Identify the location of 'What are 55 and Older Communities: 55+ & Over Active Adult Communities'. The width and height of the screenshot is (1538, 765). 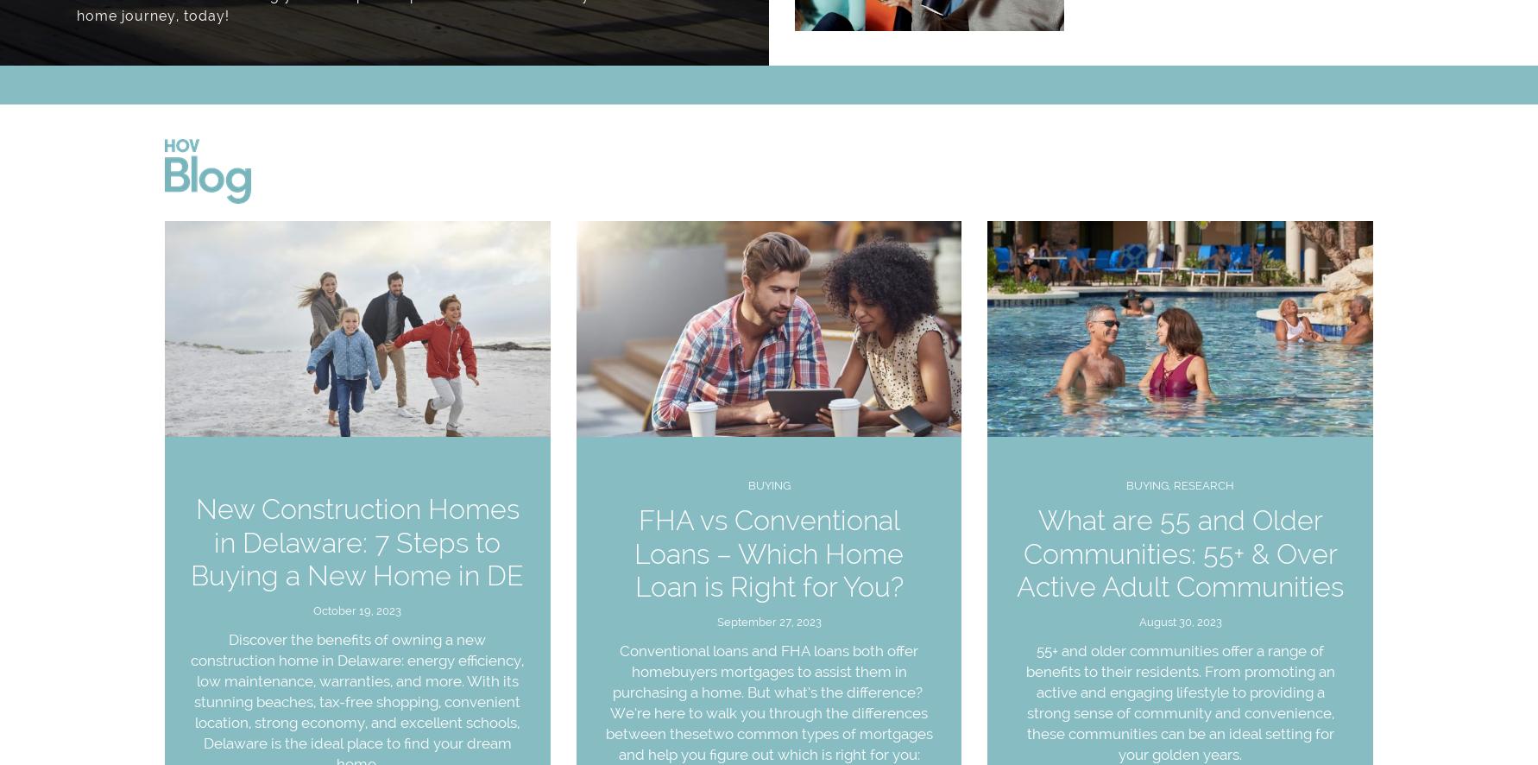
(1179, 553).